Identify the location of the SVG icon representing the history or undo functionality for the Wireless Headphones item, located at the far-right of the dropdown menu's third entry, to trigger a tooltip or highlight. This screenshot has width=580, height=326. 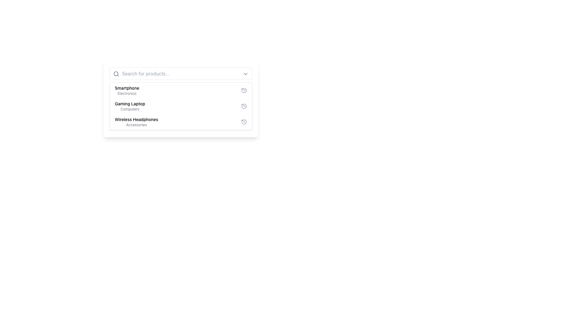
(244, 91).